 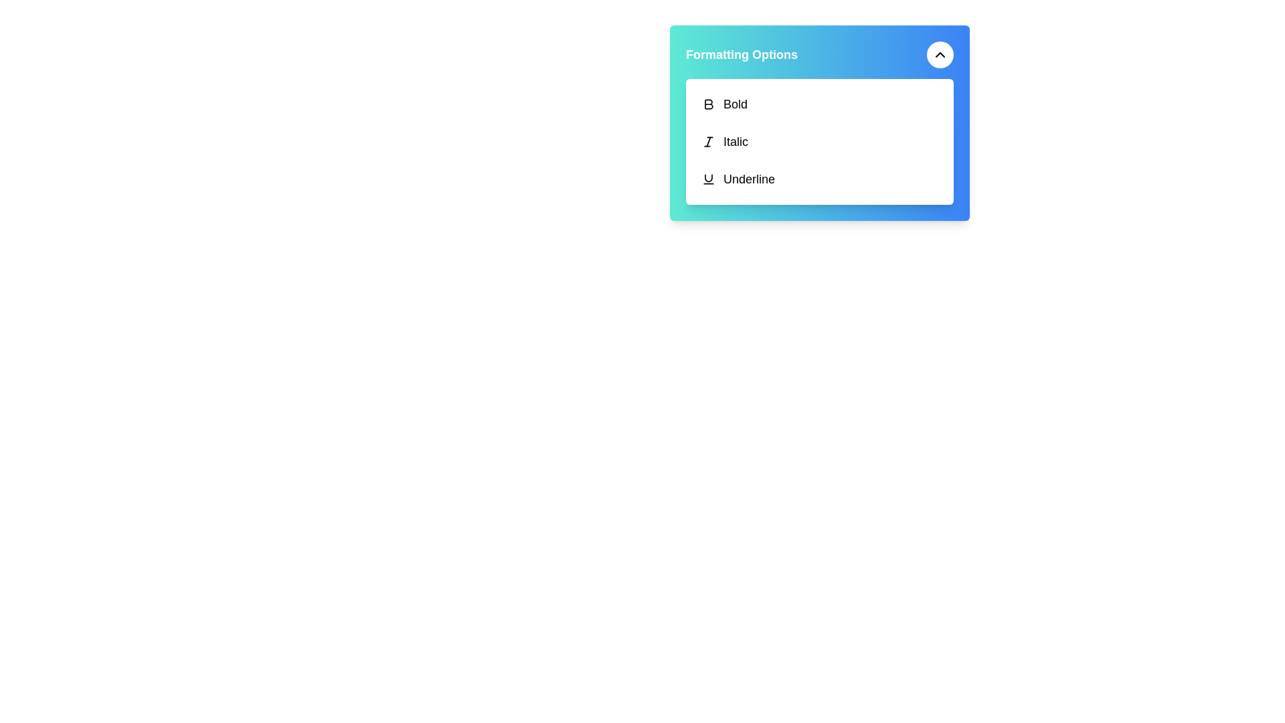 What do you see at coordinates (708, 142) in the screenshot?
I see `the italic-styled 'I' icon located under the 'Formatting Options' section beside the label 'Italic'` at bounding box center [708, 142].